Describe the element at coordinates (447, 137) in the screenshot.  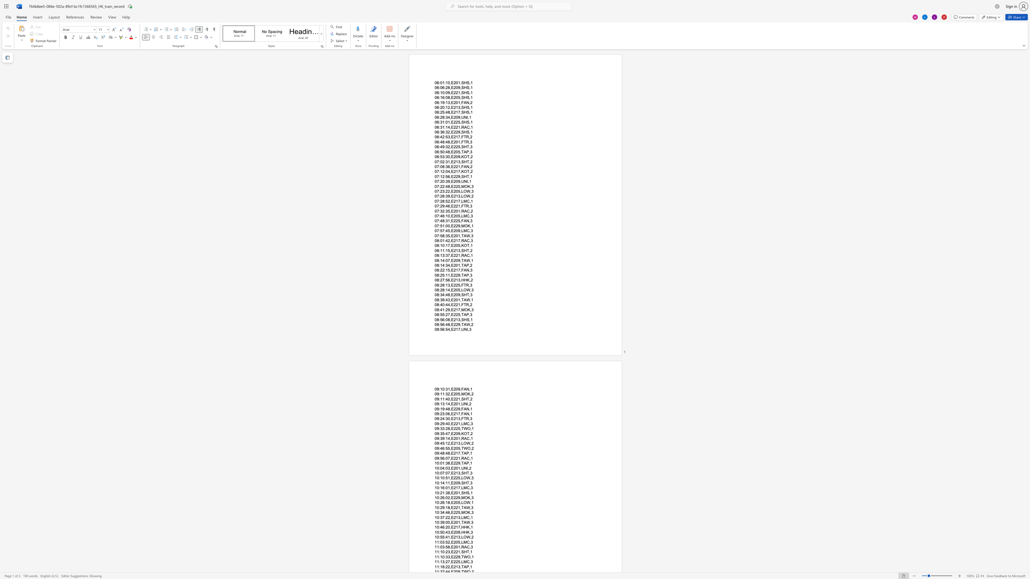
I see `the subset text "3,E217,FTR,2" within the text "06:42:53,E217,FTR,2"` at that location.